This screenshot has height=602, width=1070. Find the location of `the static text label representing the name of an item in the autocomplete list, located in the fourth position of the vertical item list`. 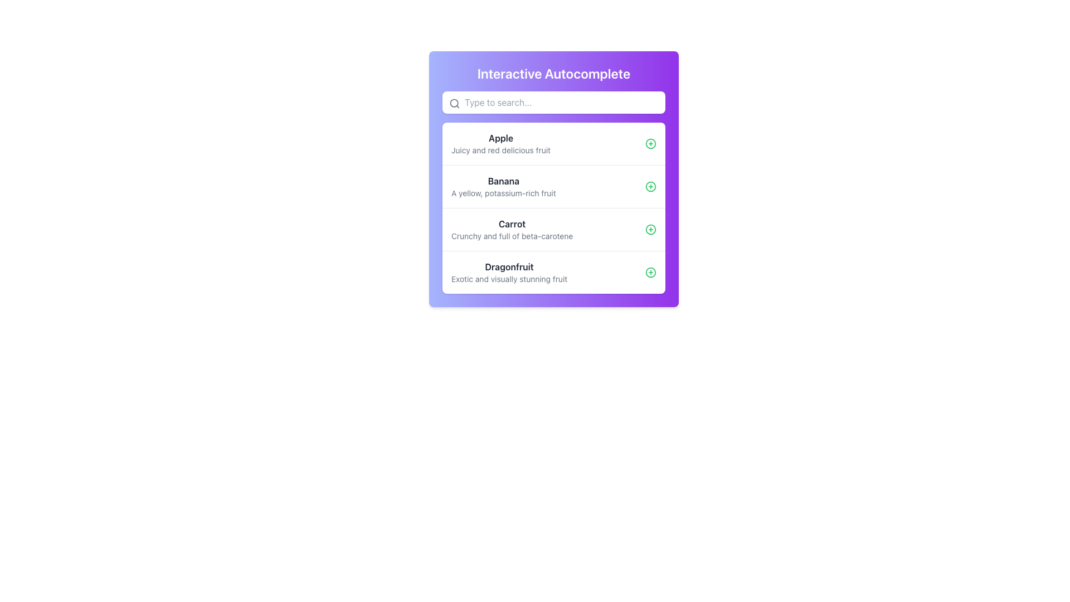

the static text label representing the name of an item in the autocomplete list, located in the fourth position of the vertical item list is located at coordinates (509, 266).